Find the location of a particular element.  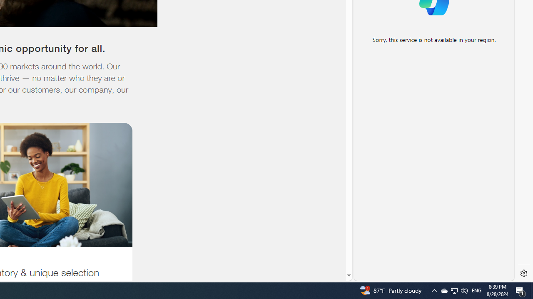

'Settings' is located at coordinates (523, 273).